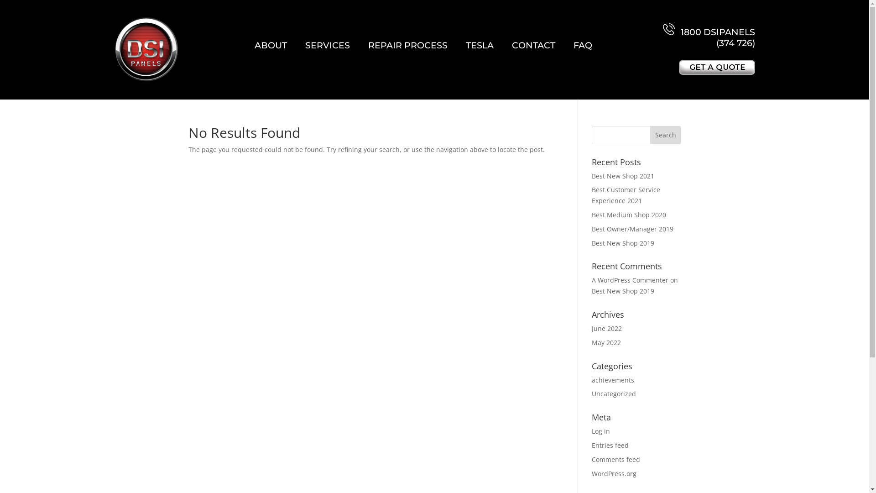 This screenshot has width=876, height=493. I want to click on 'Best New Shop 2019', so click(622, 291).